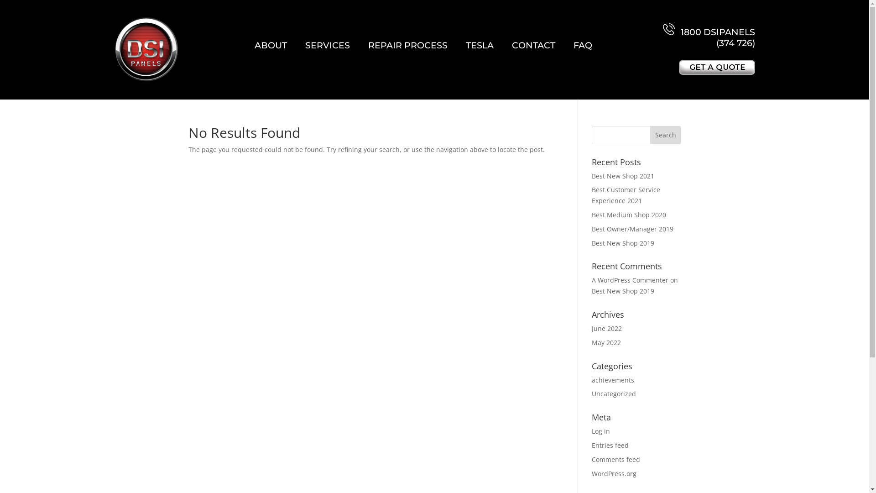 This screenshot has width=876, height=493. I want to click on 'Best New Shop 2019', so click(622, 291).